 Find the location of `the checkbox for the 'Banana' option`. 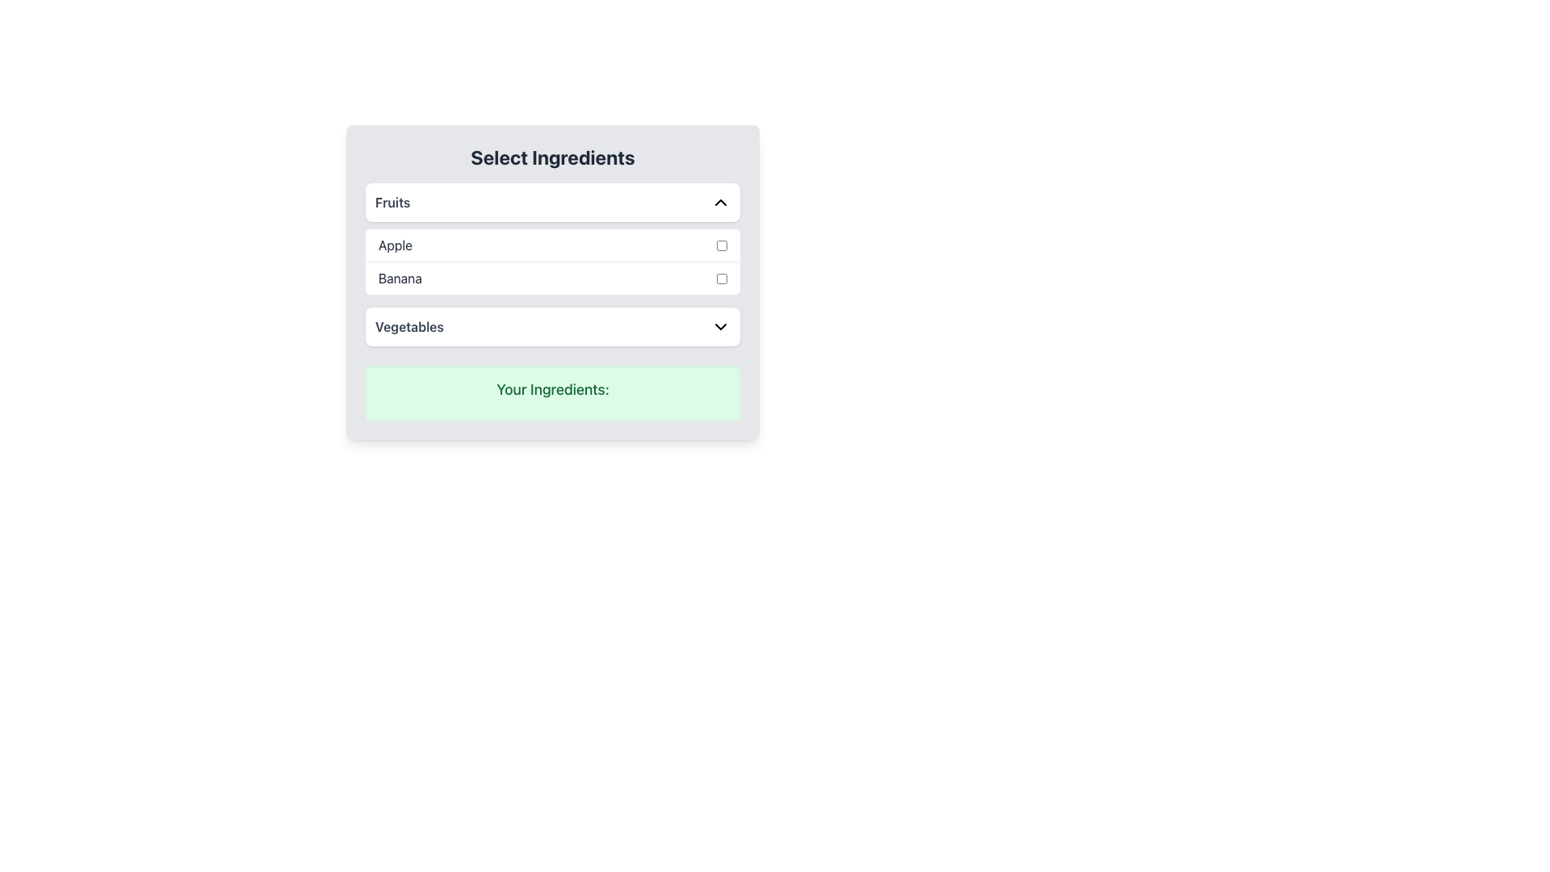

the checkbox for the 'Banana' option is located at coordinates (721, 277).